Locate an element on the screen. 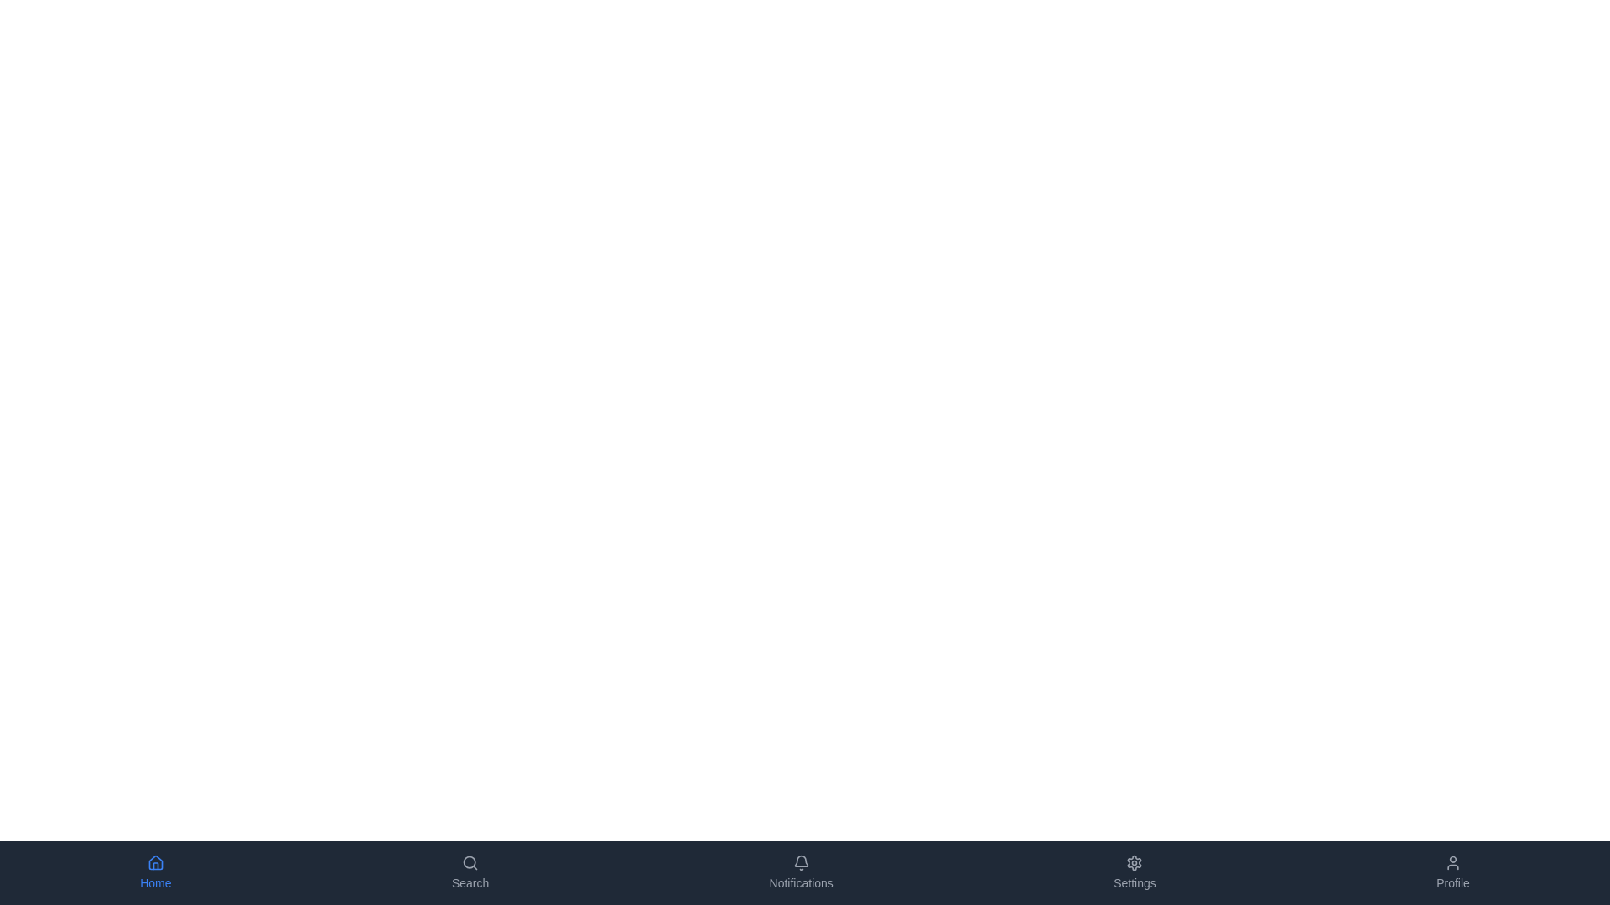 This screenshot has width=1610, height=905. label text that identifies the search feature located in the bottom navigation bar, positioned beneath the search icon is located at coordinates (470, 882).